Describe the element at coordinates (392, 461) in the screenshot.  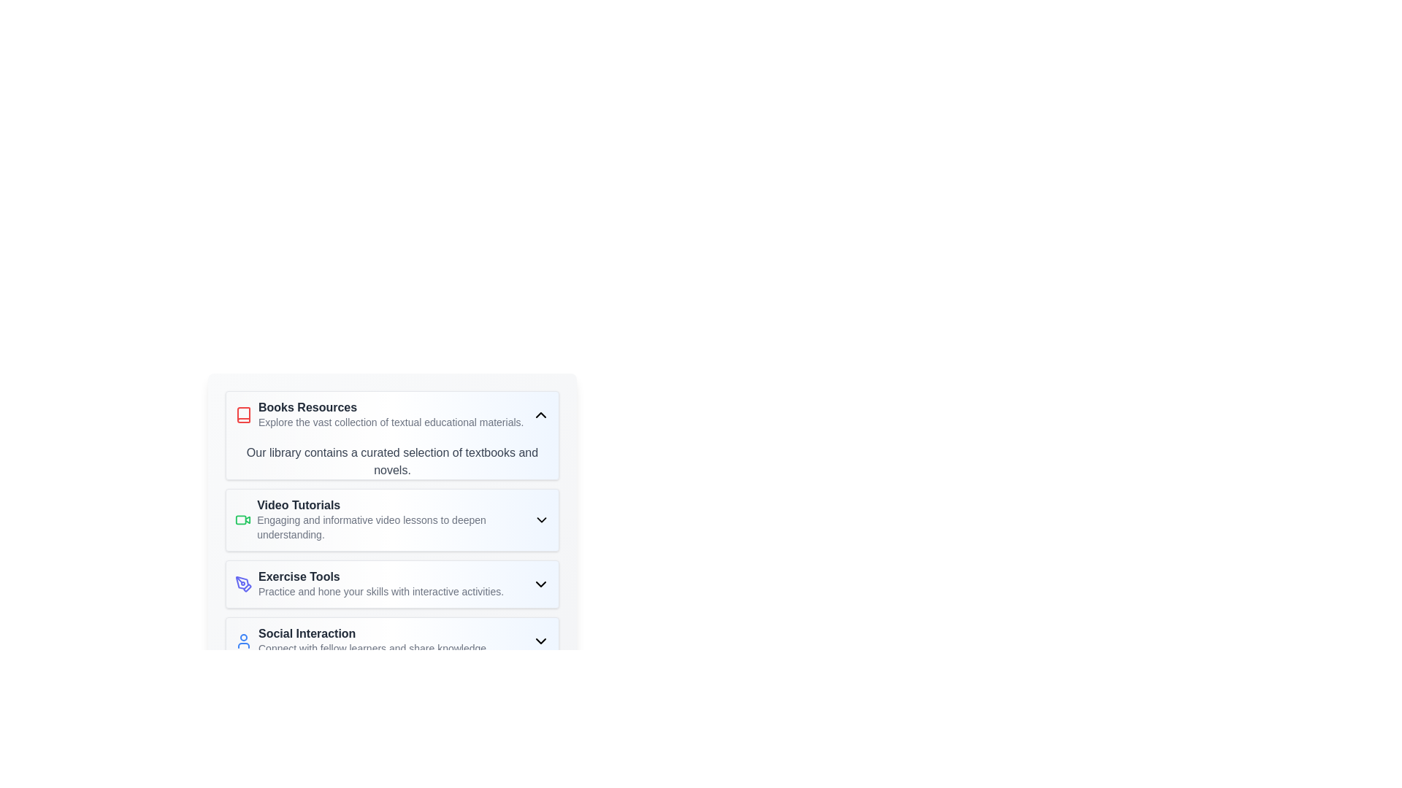
I see `the static text stating "Our library contains a curated selection of textbooks and novels." which is styled in gray (#707070) and centered under the header "Books Resources."` at that location.